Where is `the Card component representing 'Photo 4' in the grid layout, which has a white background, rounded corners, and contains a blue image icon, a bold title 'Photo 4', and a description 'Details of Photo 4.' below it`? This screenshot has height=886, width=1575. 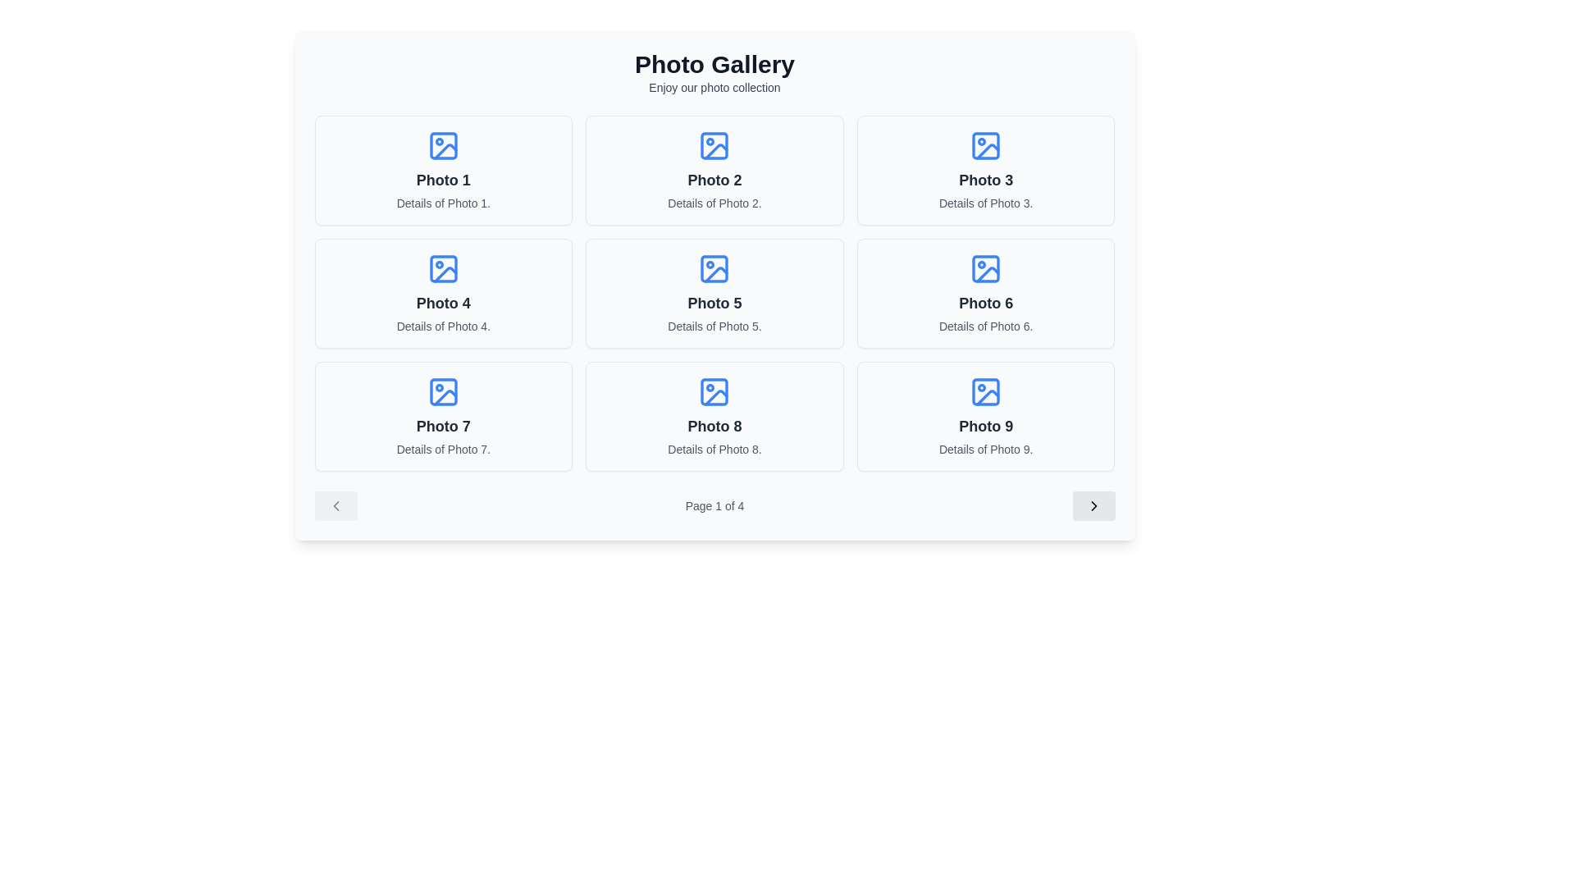 the Card component representing 'Photo 4' in the grid layout, which has a white background, rounded corners, and contains a blue image icon, a bold title 'Photo 4', and a description 'Details of Photo 4.' below it is located at coordinates (443, 293).